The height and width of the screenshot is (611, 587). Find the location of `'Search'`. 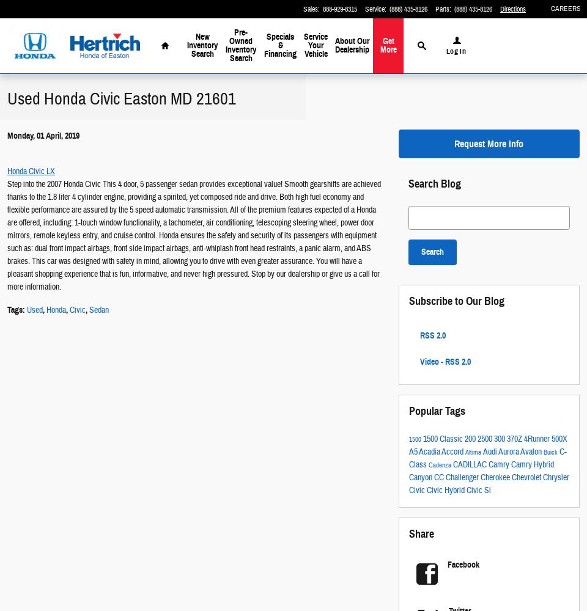

'Search' is located at coordinates (432, 252).